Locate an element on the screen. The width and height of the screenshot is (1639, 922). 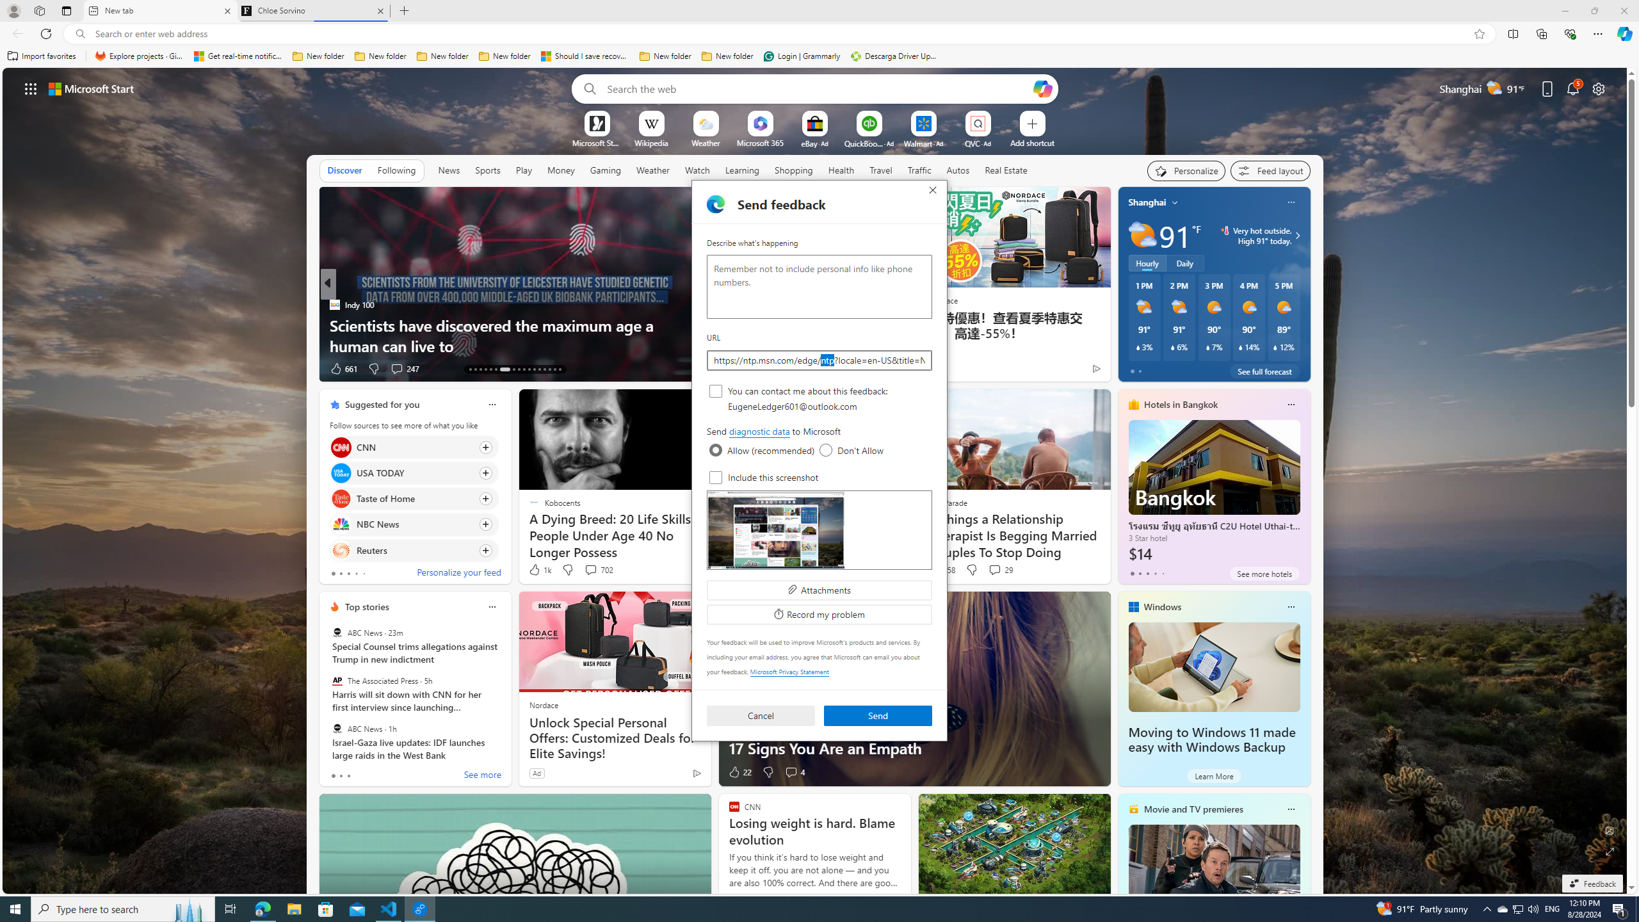
'Feed settings' is located at coordinates (1270, 171).